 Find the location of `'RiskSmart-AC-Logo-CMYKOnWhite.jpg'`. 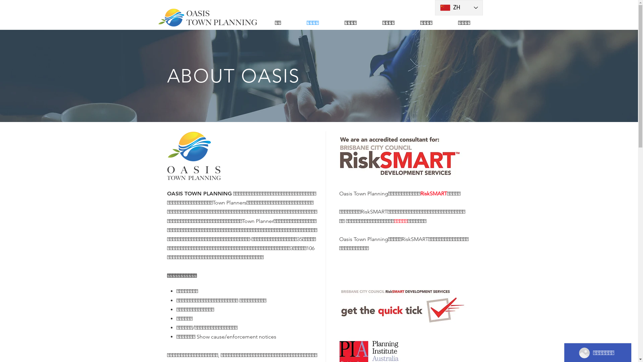

'RiskSmart-AC-Logo-CMYKOnWhite.jpg' is located at coordinates (398, 156).